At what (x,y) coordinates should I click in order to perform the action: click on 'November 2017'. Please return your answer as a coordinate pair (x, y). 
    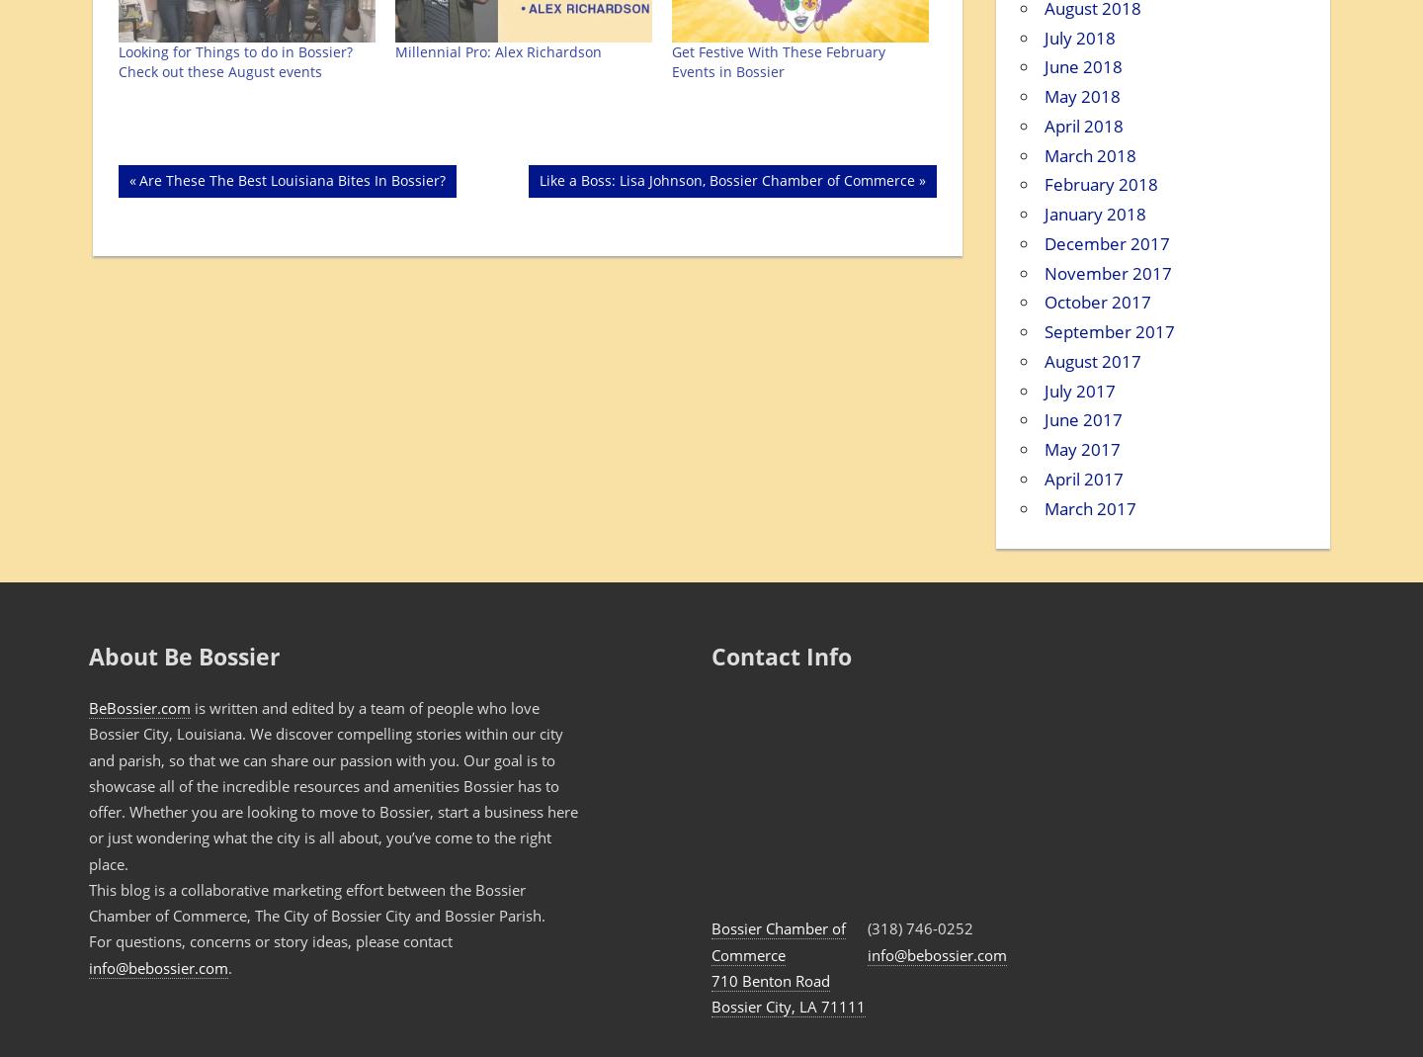
    Looking at the image, I should click on (1044, 271).